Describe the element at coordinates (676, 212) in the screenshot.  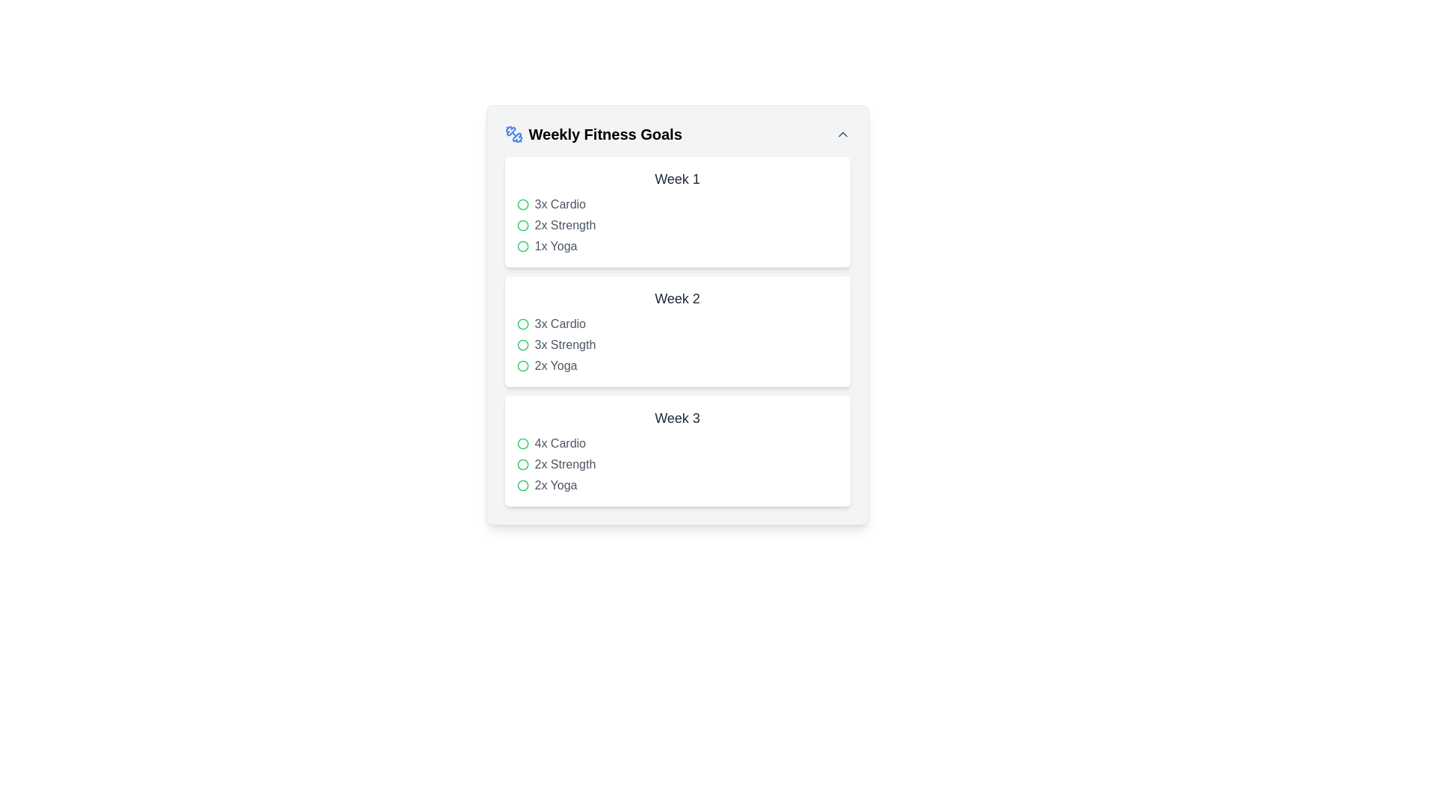
I see `the information listed in the first card of the weekly fitness goals summary, which is located beneath the header 'Weekly Fitness Goals'` at that location.